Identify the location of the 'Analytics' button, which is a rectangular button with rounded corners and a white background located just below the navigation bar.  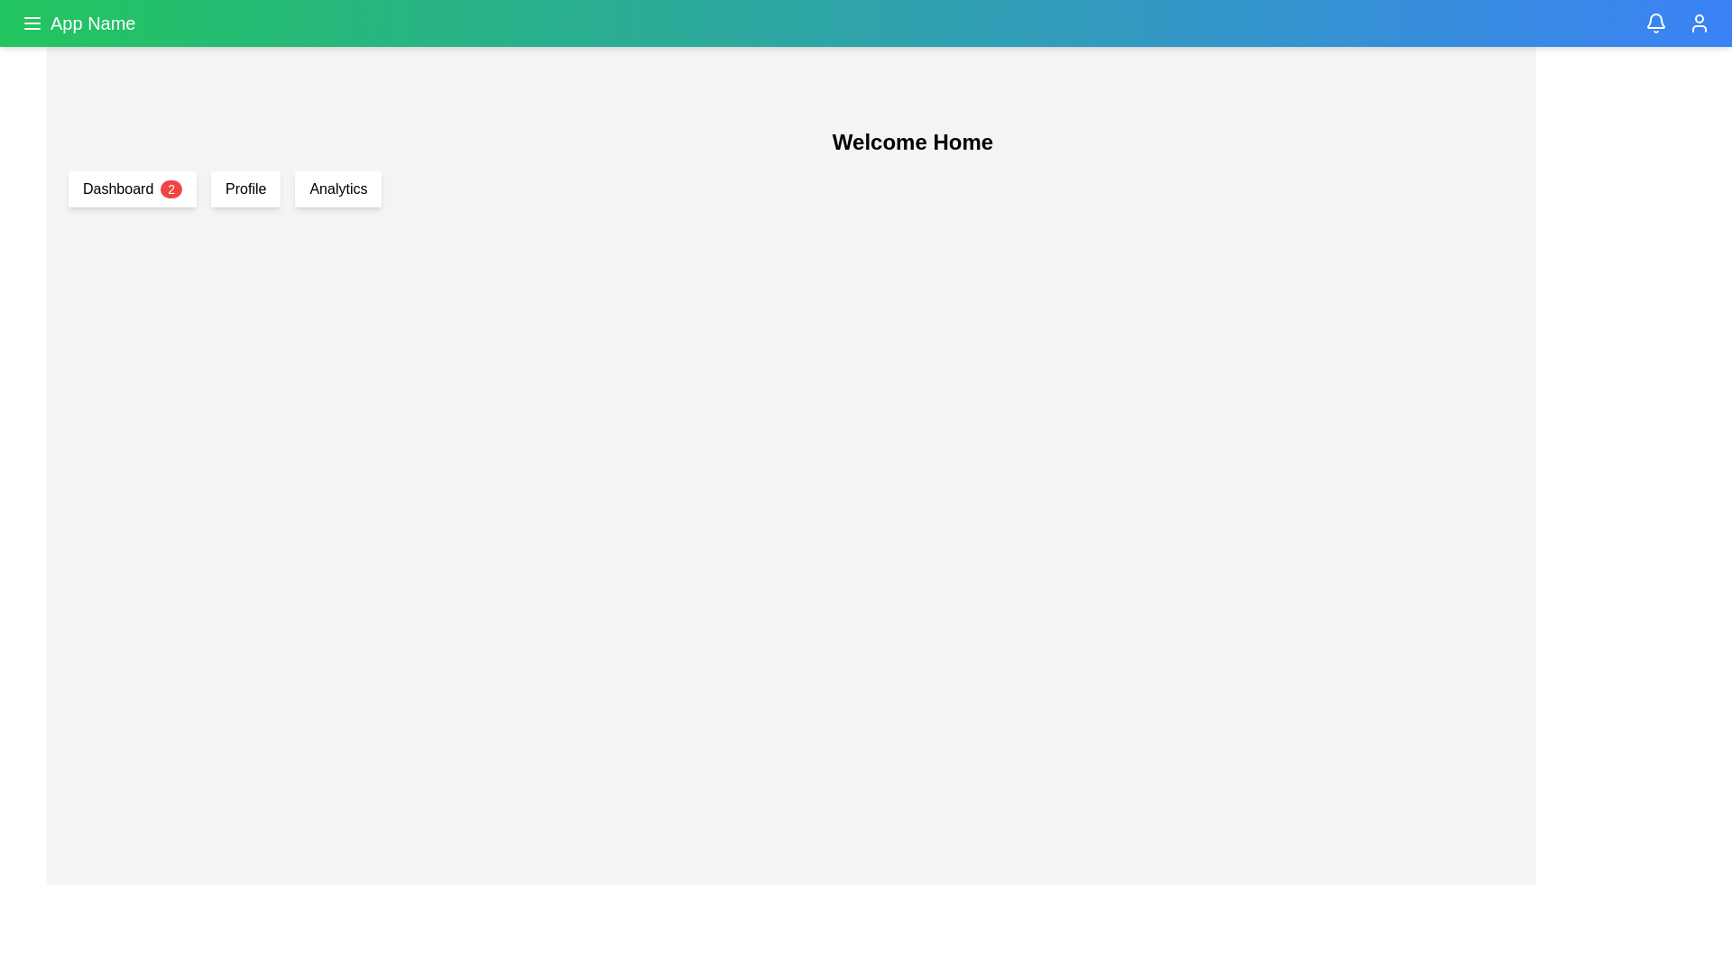
(338, 188).